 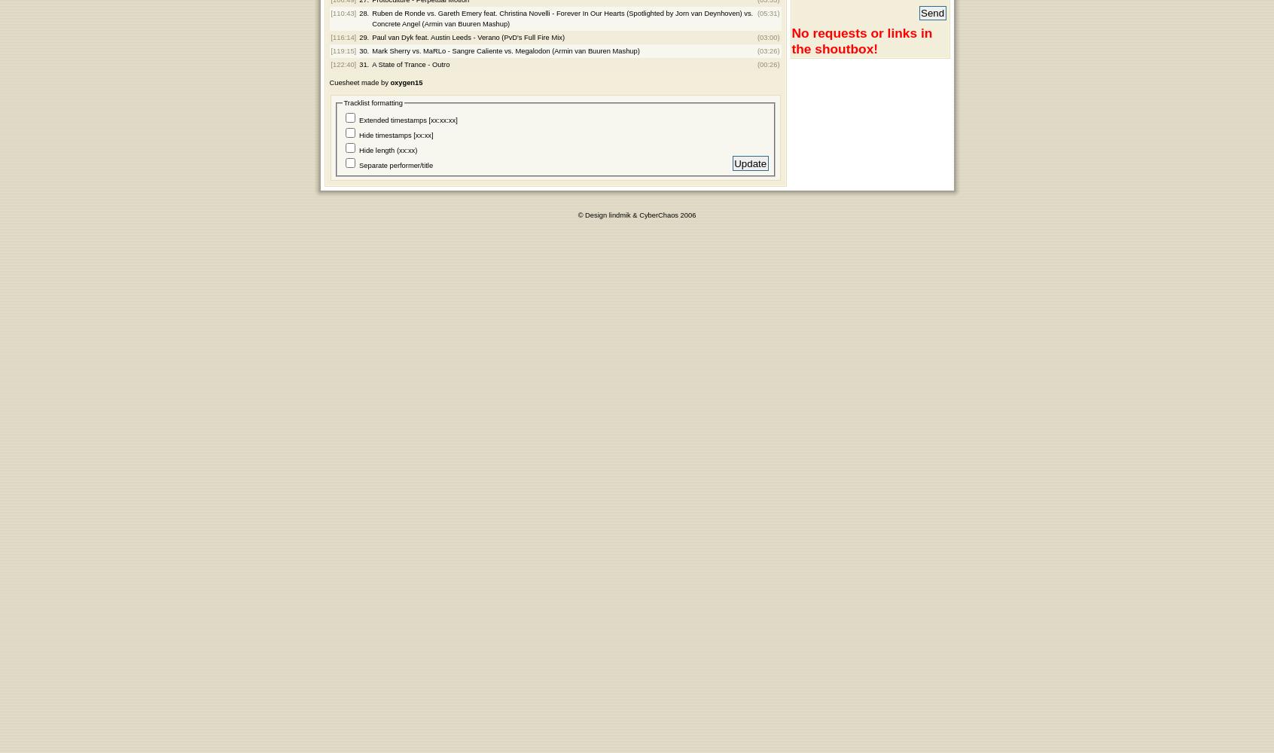 I want to click on 'oxygen15', so click(x=406, y=81).